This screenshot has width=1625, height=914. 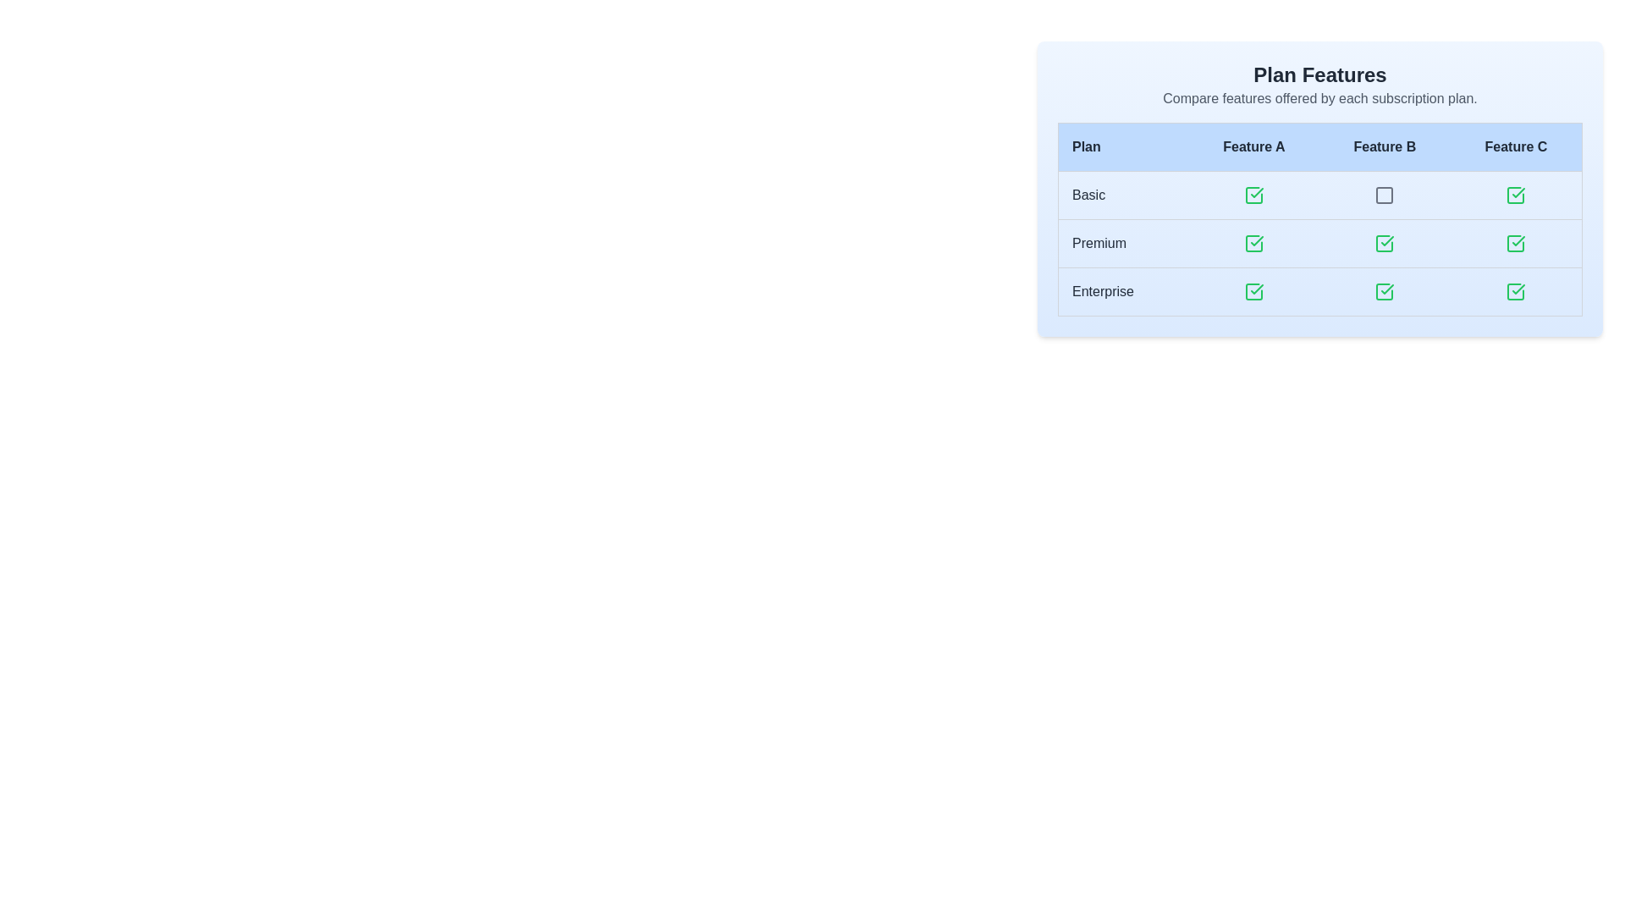 I want to click on the 'Feature C' icon in the 'Enterprise' subscription plan's row of the 'Plan Features' table to indicate its inclusion, so click(x=1518, y=289).